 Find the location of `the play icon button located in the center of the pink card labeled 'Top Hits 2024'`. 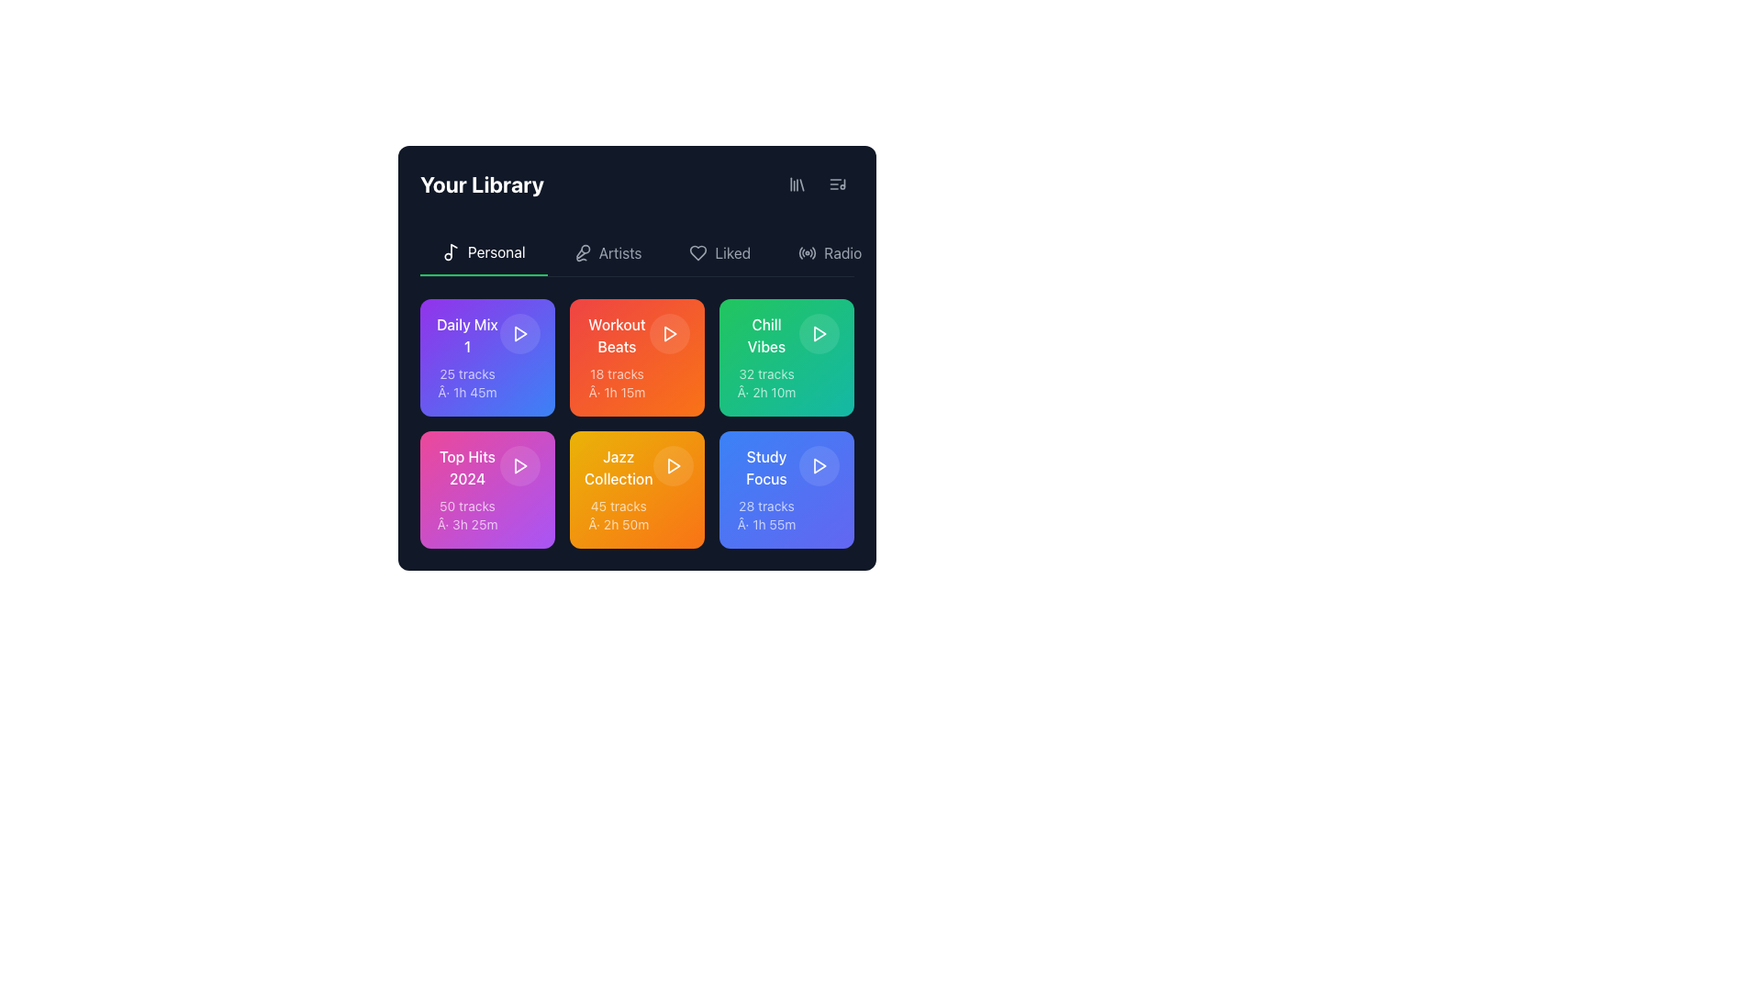

the play icon button located in the center of the pink card labeled 'Top Hits 2024' is located at coordinates (519, 465).